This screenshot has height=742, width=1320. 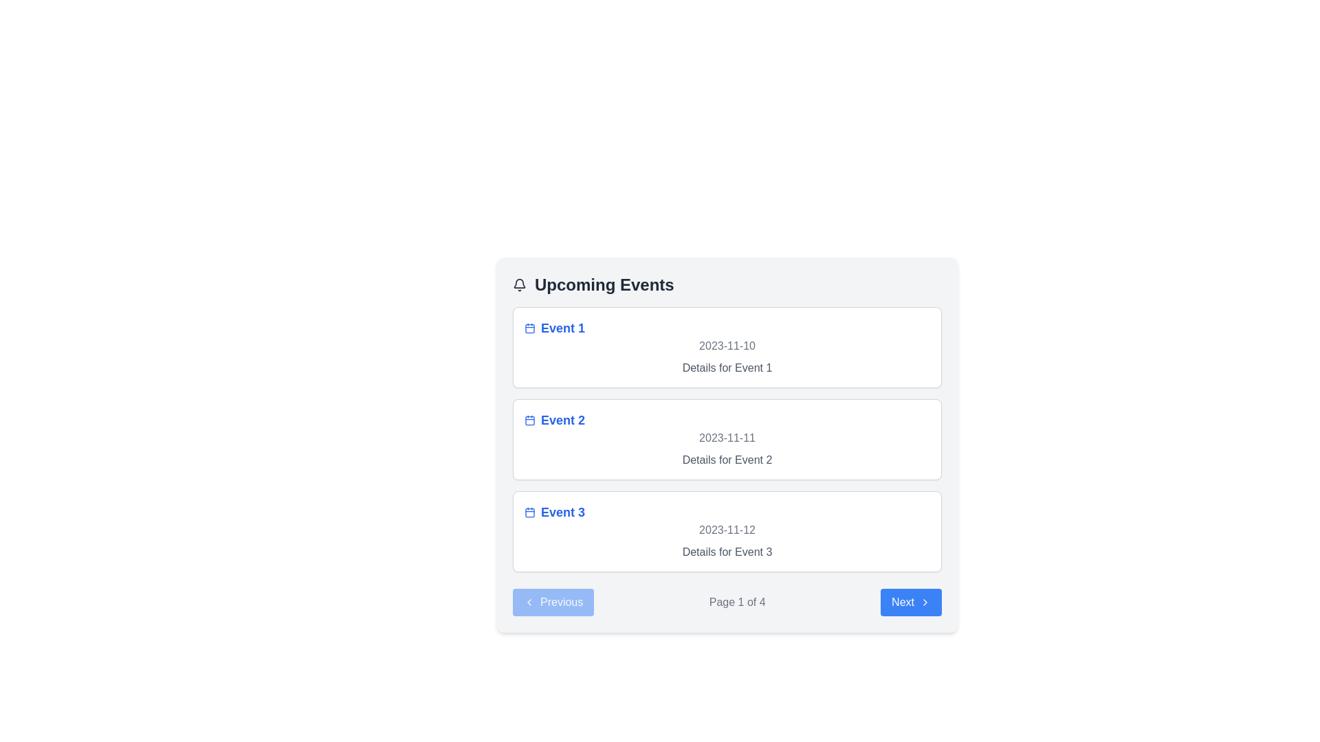 I want to click on the blue rectangular button labeled 'Next' with rounded corners, so click(x=911, y=601).